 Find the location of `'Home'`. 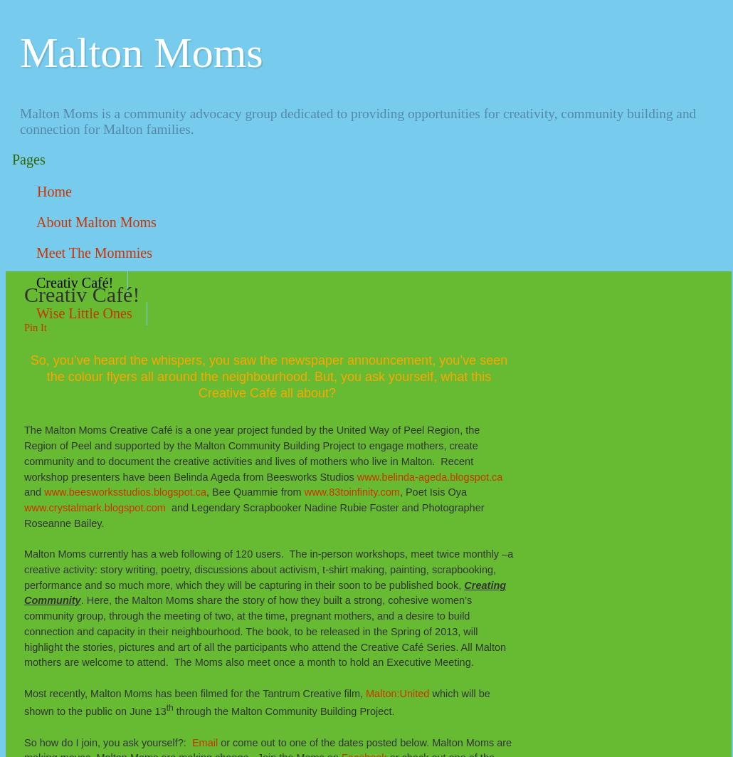

'Home' is located at coordinates (54, 192).